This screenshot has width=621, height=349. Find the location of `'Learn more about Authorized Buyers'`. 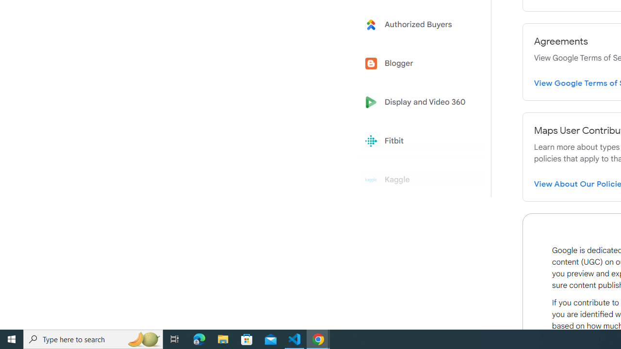

'Learn more about Authorized Buyers' is located at coordinates (418, 24).